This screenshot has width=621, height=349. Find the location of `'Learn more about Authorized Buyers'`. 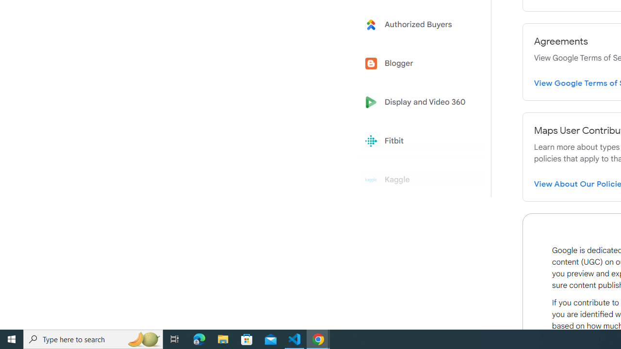

'Learn more about Authorized Buyers' is located at coordinates (418, 24).